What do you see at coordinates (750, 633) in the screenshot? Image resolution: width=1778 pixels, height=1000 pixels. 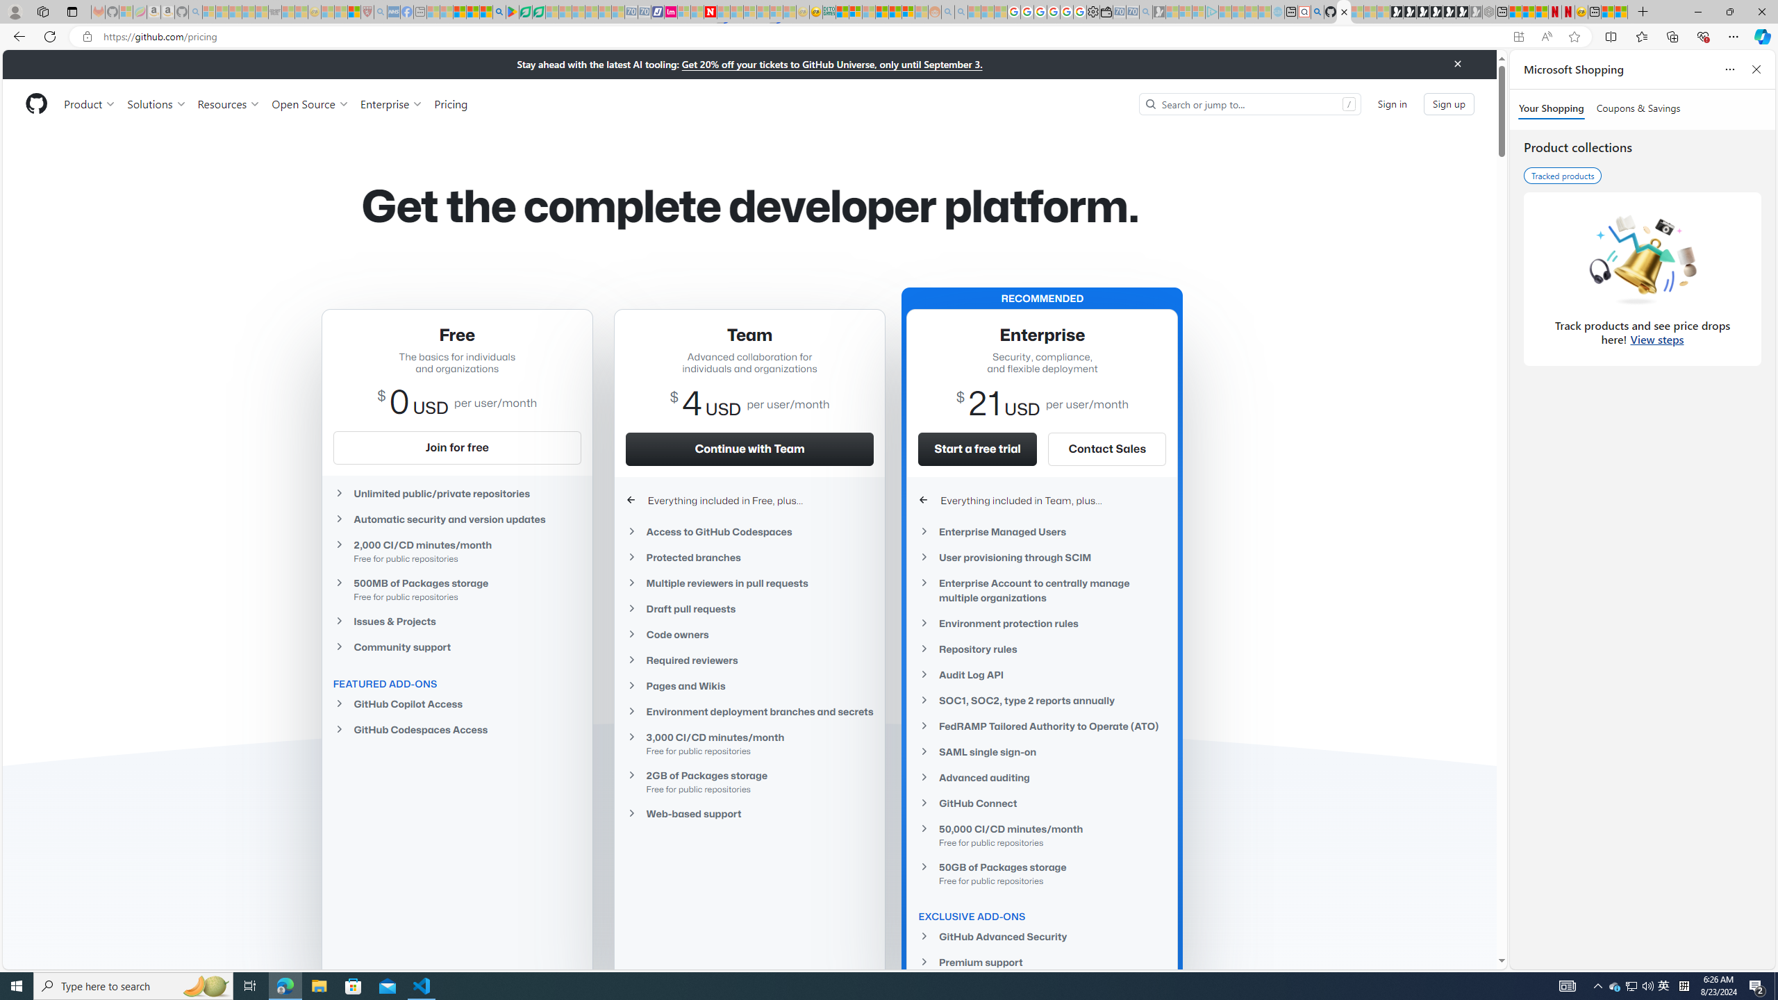 I see `'Code owners'` at bounding box center [750, 633].